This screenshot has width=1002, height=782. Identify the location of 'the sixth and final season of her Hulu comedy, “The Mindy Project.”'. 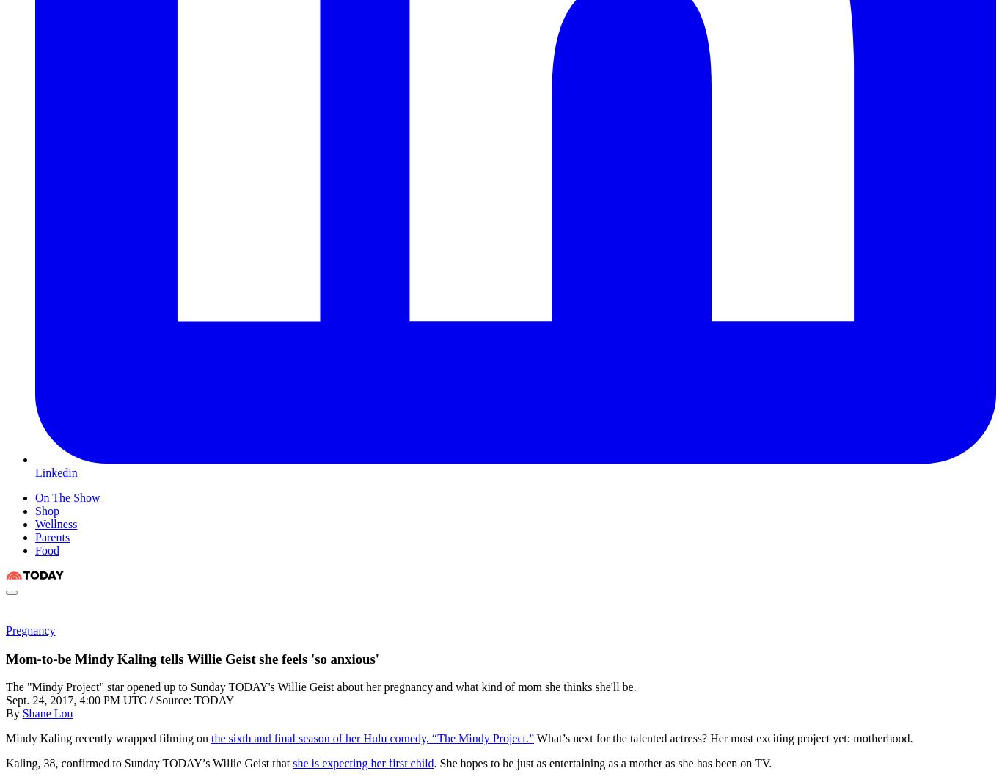
(372, 738).